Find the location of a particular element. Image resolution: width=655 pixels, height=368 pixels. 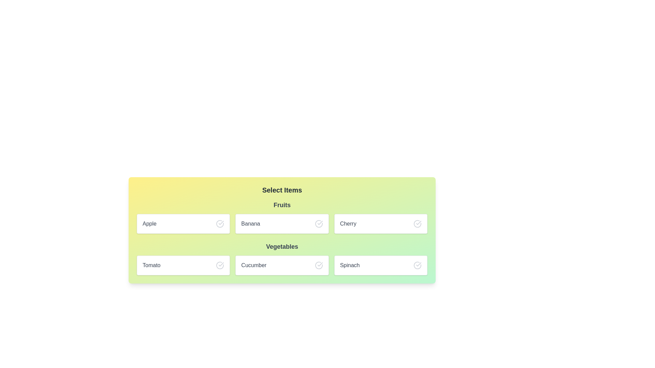

the third selectable list item labeled 'Cherry' is located at coordinates (380, 224).